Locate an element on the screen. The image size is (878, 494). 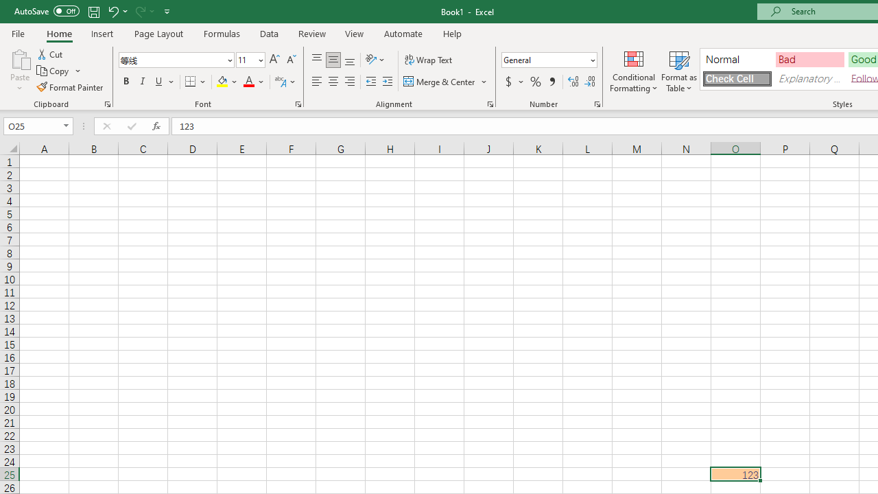
'Decrease Decimal' is located at coordinates (589, 82).